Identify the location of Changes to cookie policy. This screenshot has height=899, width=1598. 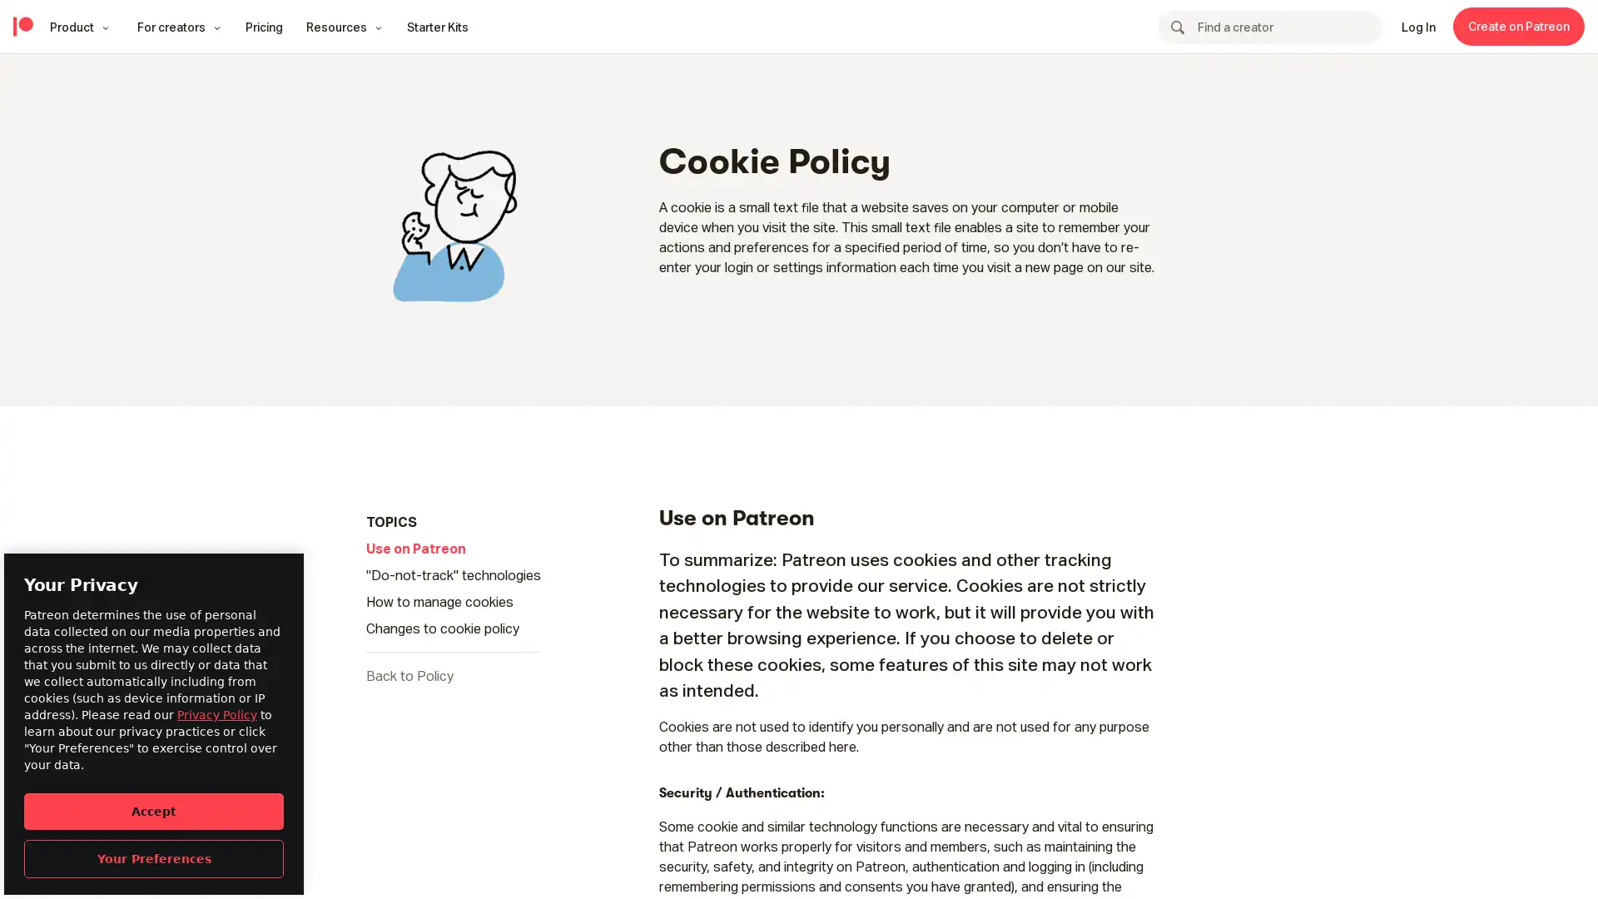
(443, 628).